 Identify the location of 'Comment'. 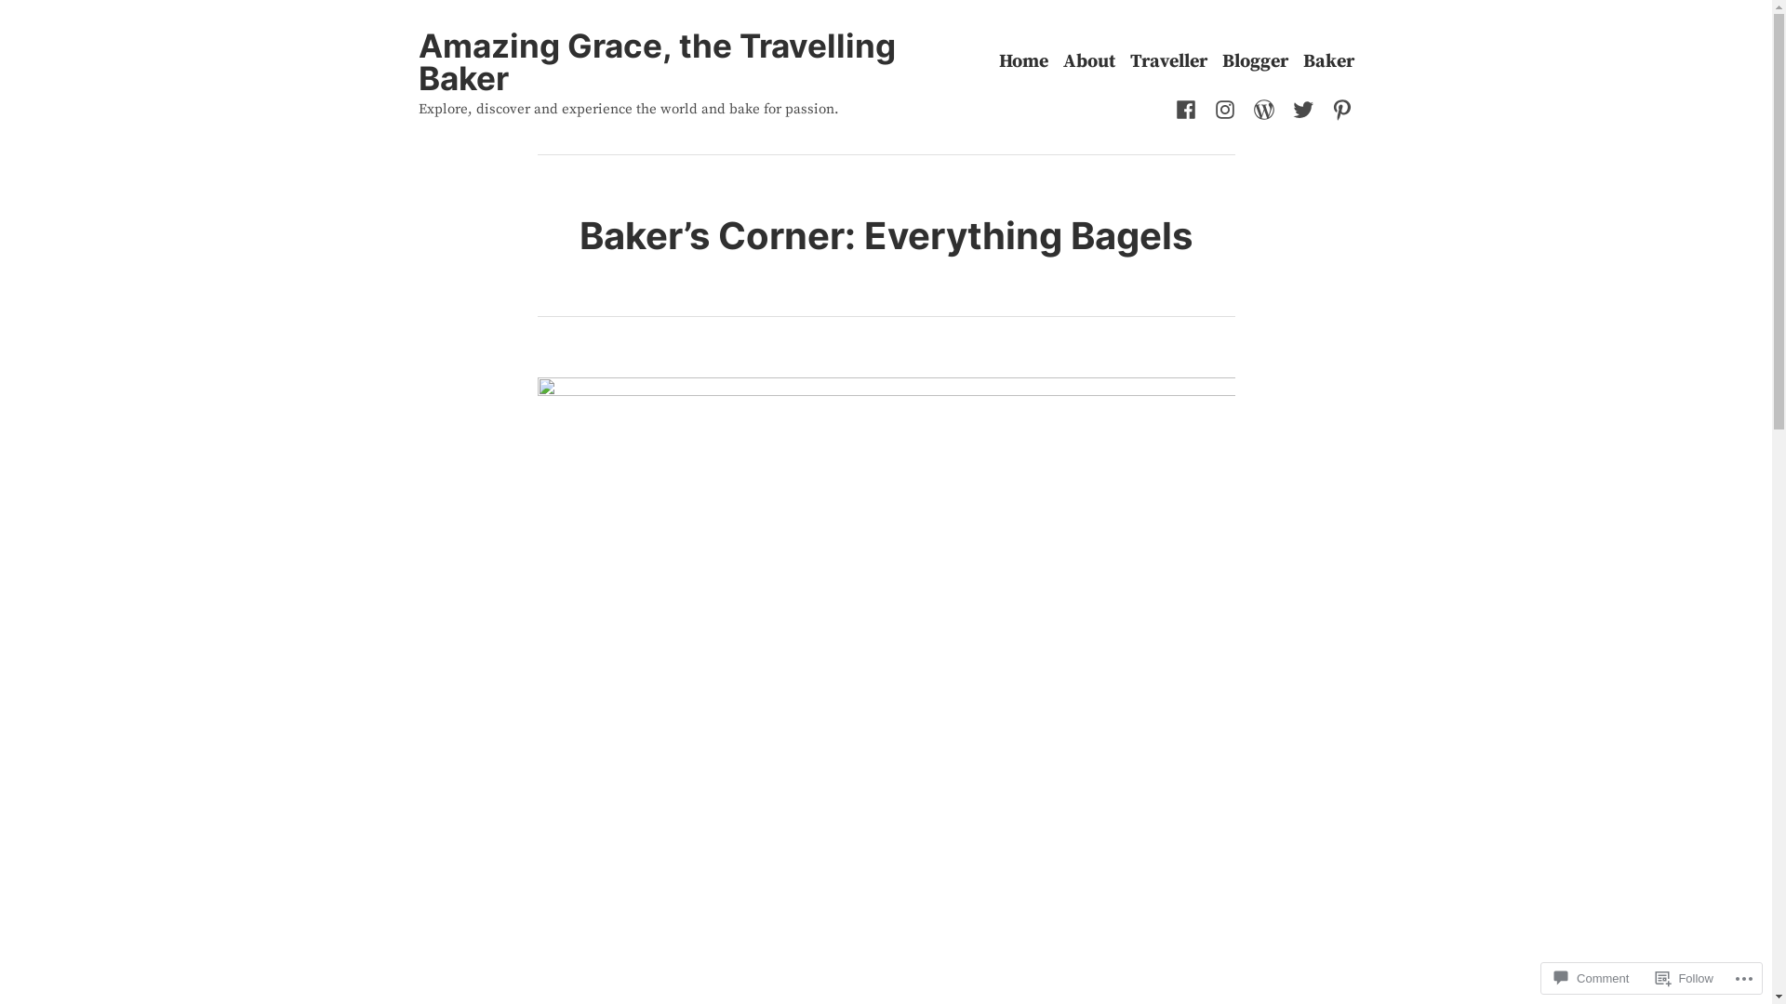
(1590, 977).